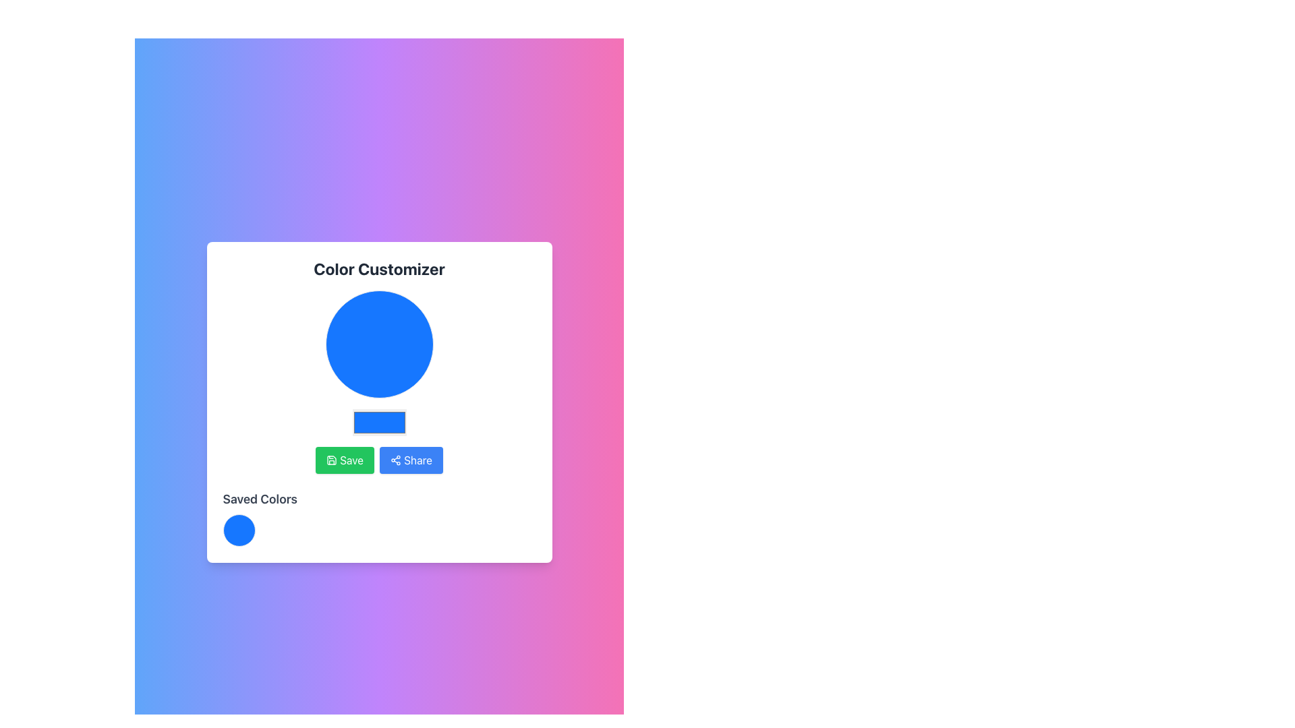 The height and width of the screenshot is (728, 1295). Describe the element at coordinates (239, 529) in the screenshot. I see `the saved color button located in the 'Saved Colors' section at the bottom left of the white card interface` at that location.